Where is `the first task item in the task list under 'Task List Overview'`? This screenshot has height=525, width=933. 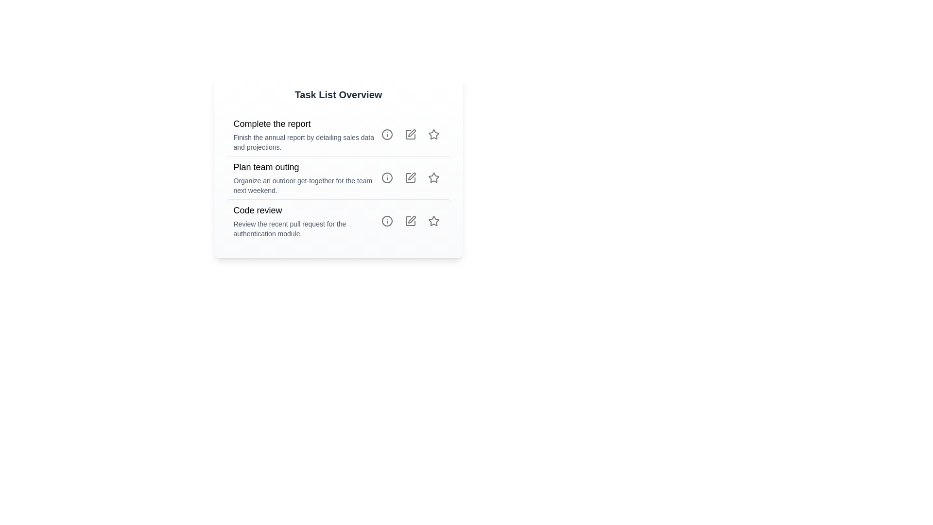
the first task item in the task list under 'Task List Overview' is located at coordinates (305, 135).